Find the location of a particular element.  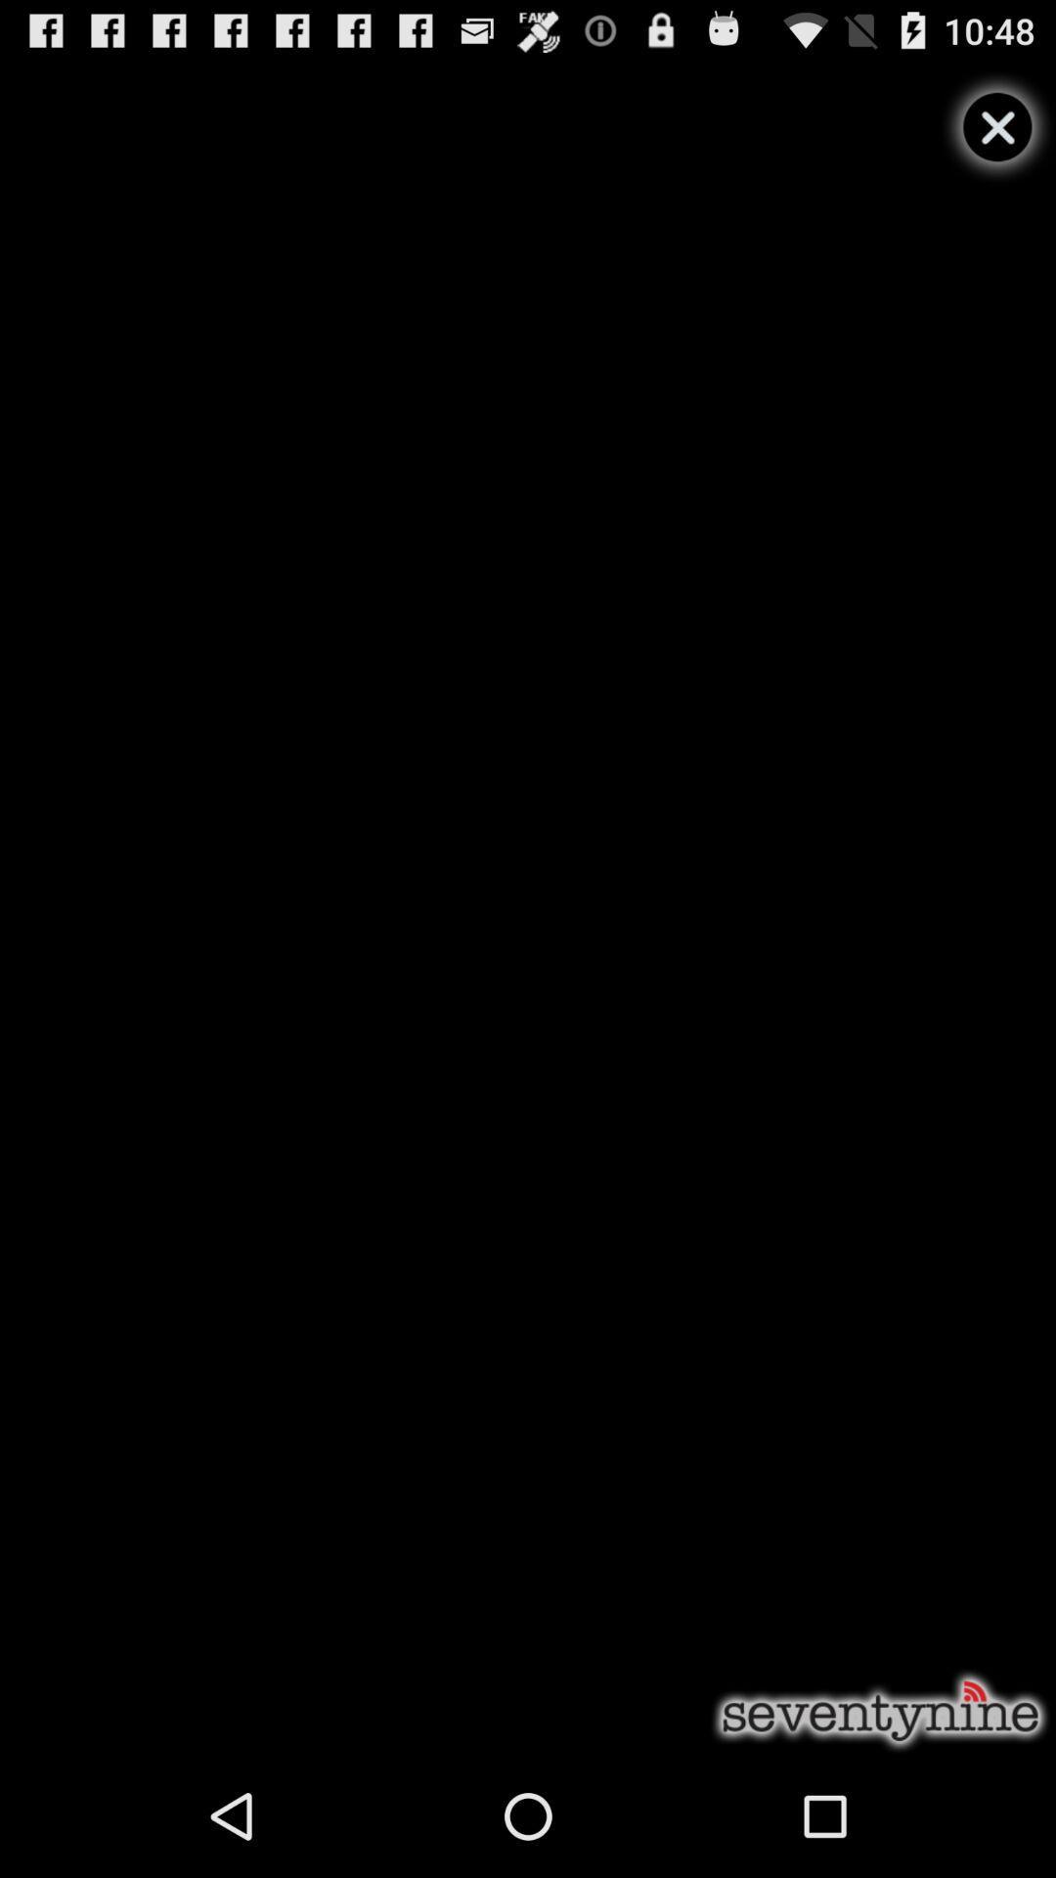

cancel is located at coordinates (997, 126).